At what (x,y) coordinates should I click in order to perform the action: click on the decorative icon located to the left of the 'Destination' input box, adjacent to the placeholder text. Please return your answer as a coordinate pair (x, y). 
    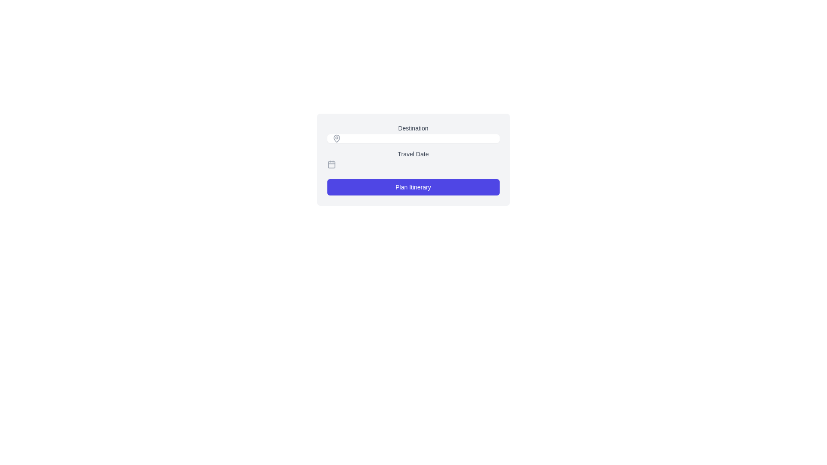
    Looking at the image, I should click on (336, 138).